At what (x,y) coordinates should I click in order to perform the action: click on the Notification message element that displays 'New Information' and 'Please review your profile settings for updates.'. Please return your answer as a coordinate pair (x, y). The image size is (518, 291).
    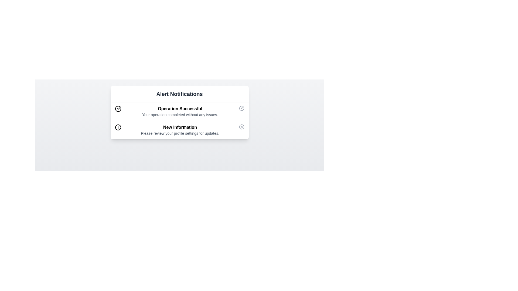
    Looking at the image, I should click on (180, 130).